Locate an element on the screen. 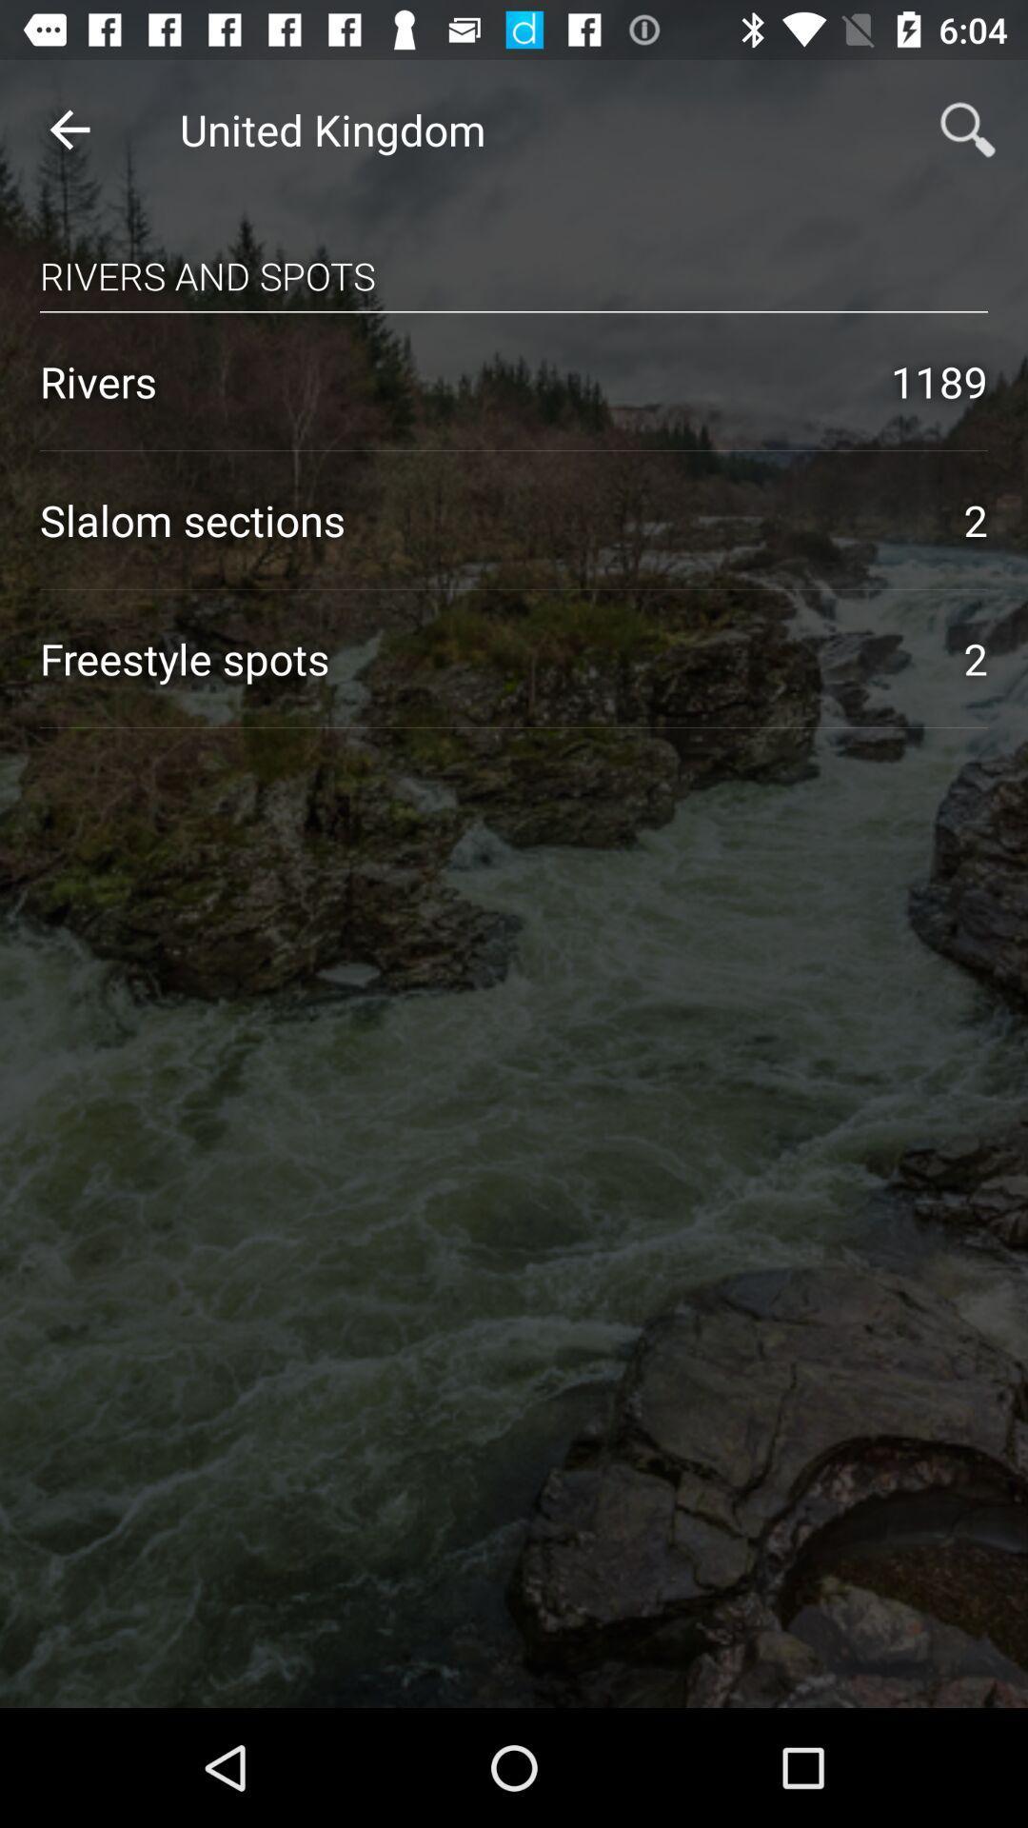 The width and height of the screenshot is (1028, 1828). item below the rivers and spots icon is located at coordinates (514, 311).